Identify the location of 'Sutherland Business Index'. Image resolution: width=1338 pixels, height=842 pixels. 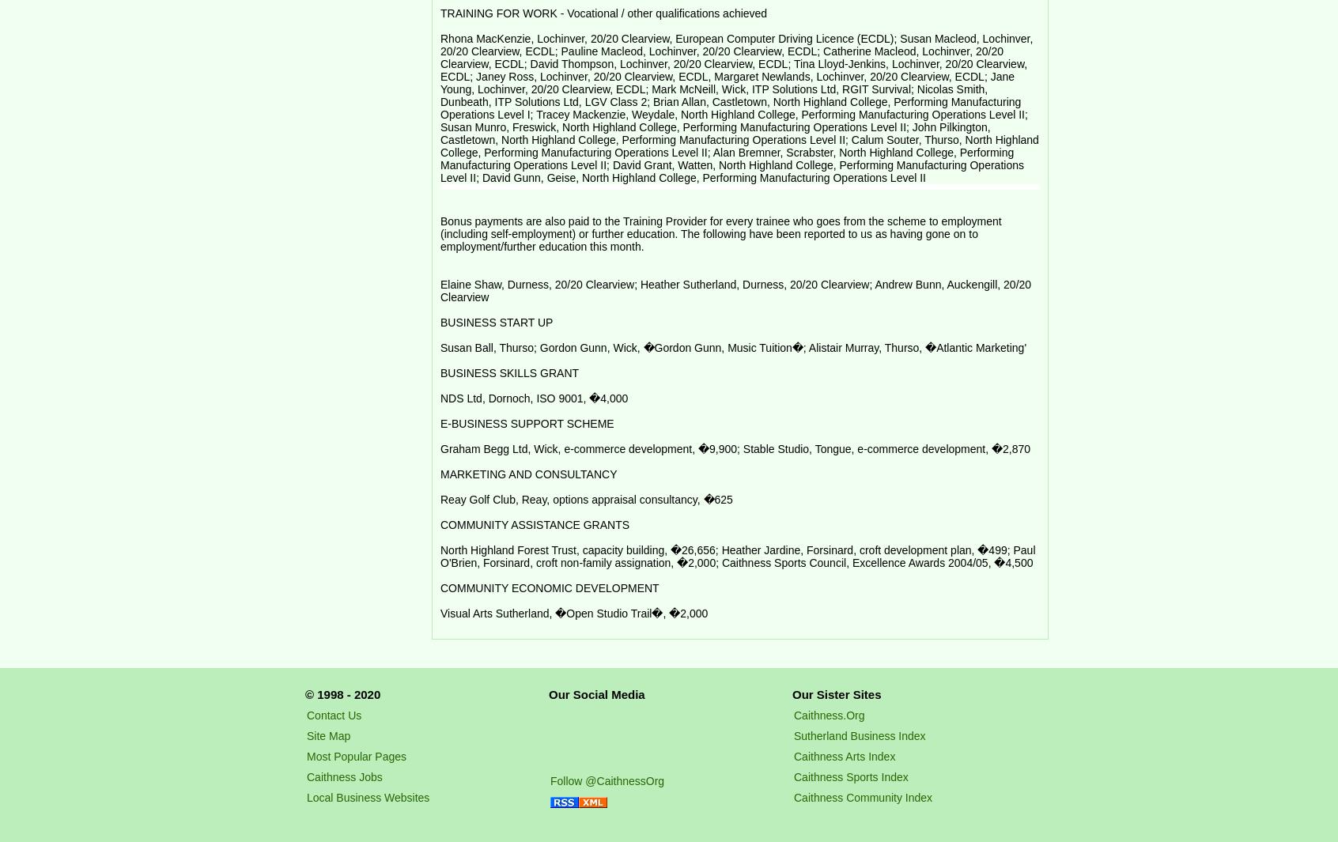
(859, 734).